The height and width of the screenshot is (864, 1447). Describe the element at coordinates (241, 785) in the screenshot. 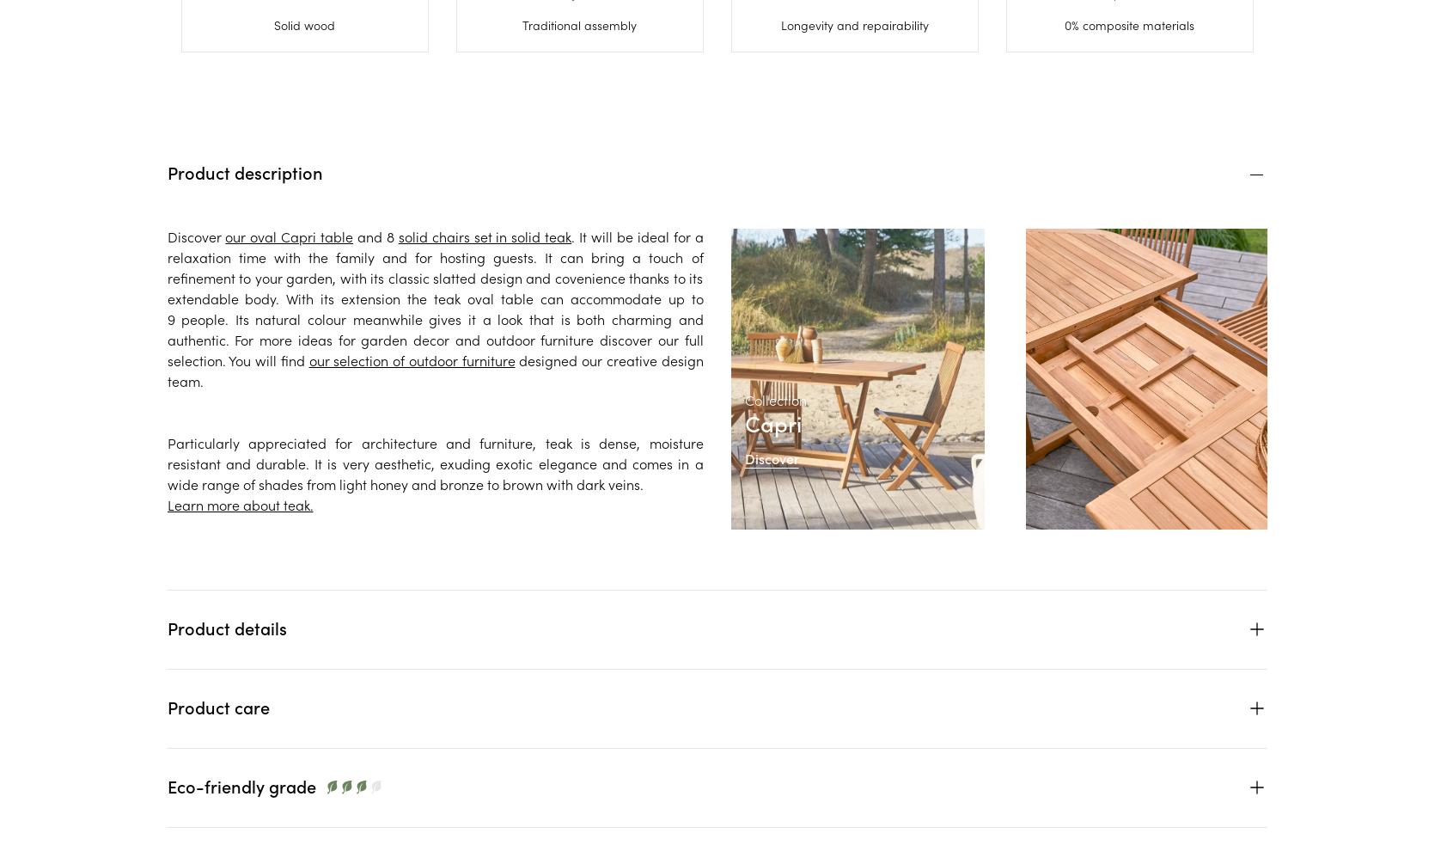

I see `'Eco-friendly grade'` at that location.